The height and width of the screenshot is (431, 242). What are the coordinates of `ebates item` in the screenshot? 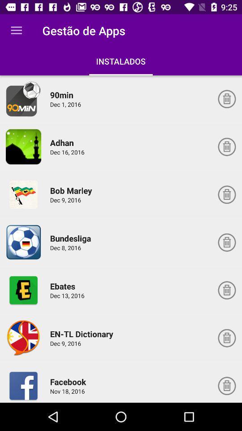 It's located at (64, 286).